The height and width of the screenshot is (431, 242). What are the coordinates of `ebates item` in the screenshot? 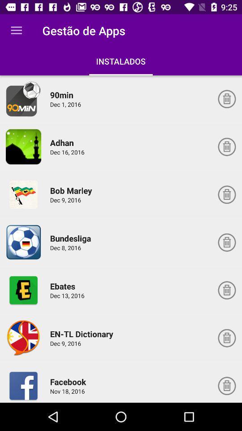 It's located at (64, 286).